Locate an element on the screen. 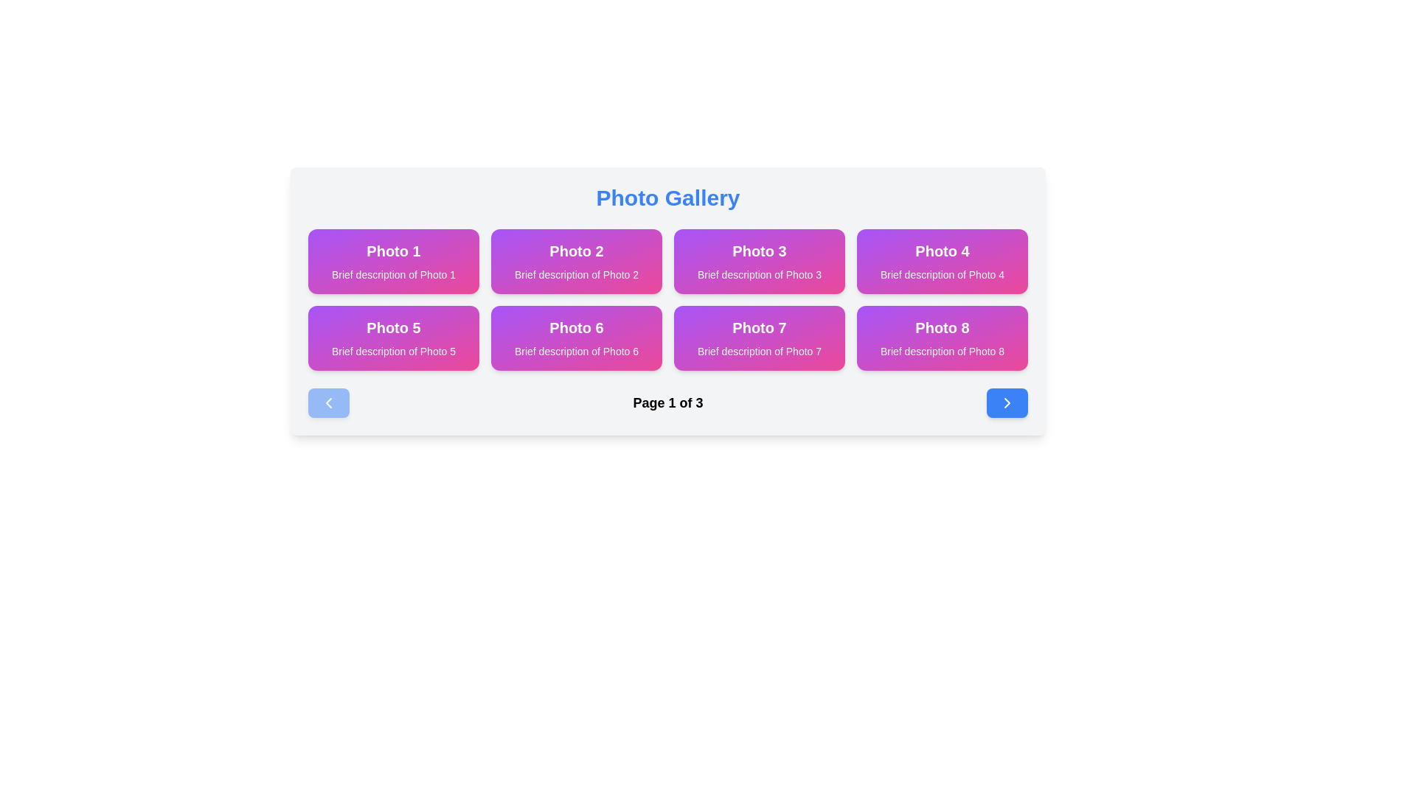  the title header text label located at the upper portion of the card in the bottom-right corner of the grid layout is located at coordinates (941, 327).